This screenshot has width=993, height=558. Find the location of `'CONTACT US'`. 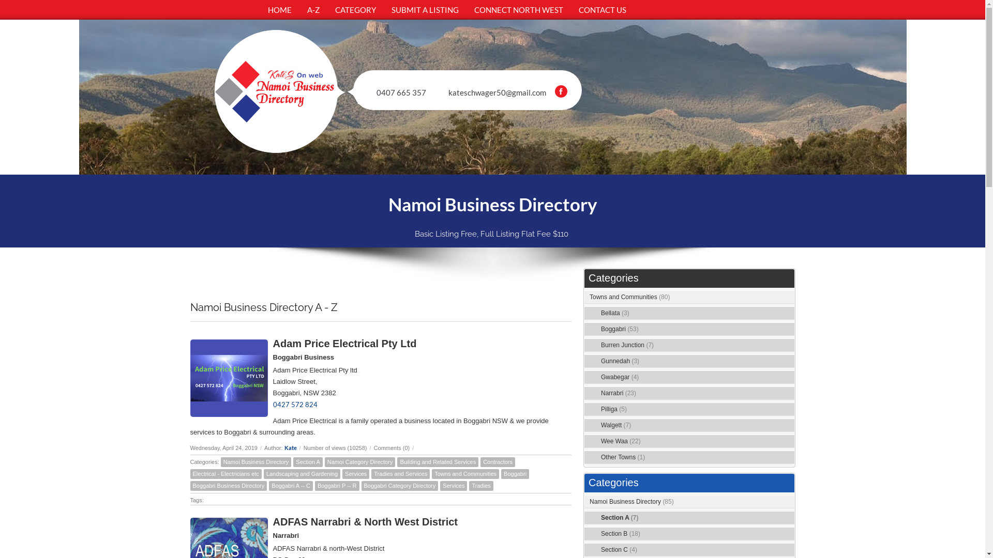

'CONTACT US' is located at coordinates (603, 10).